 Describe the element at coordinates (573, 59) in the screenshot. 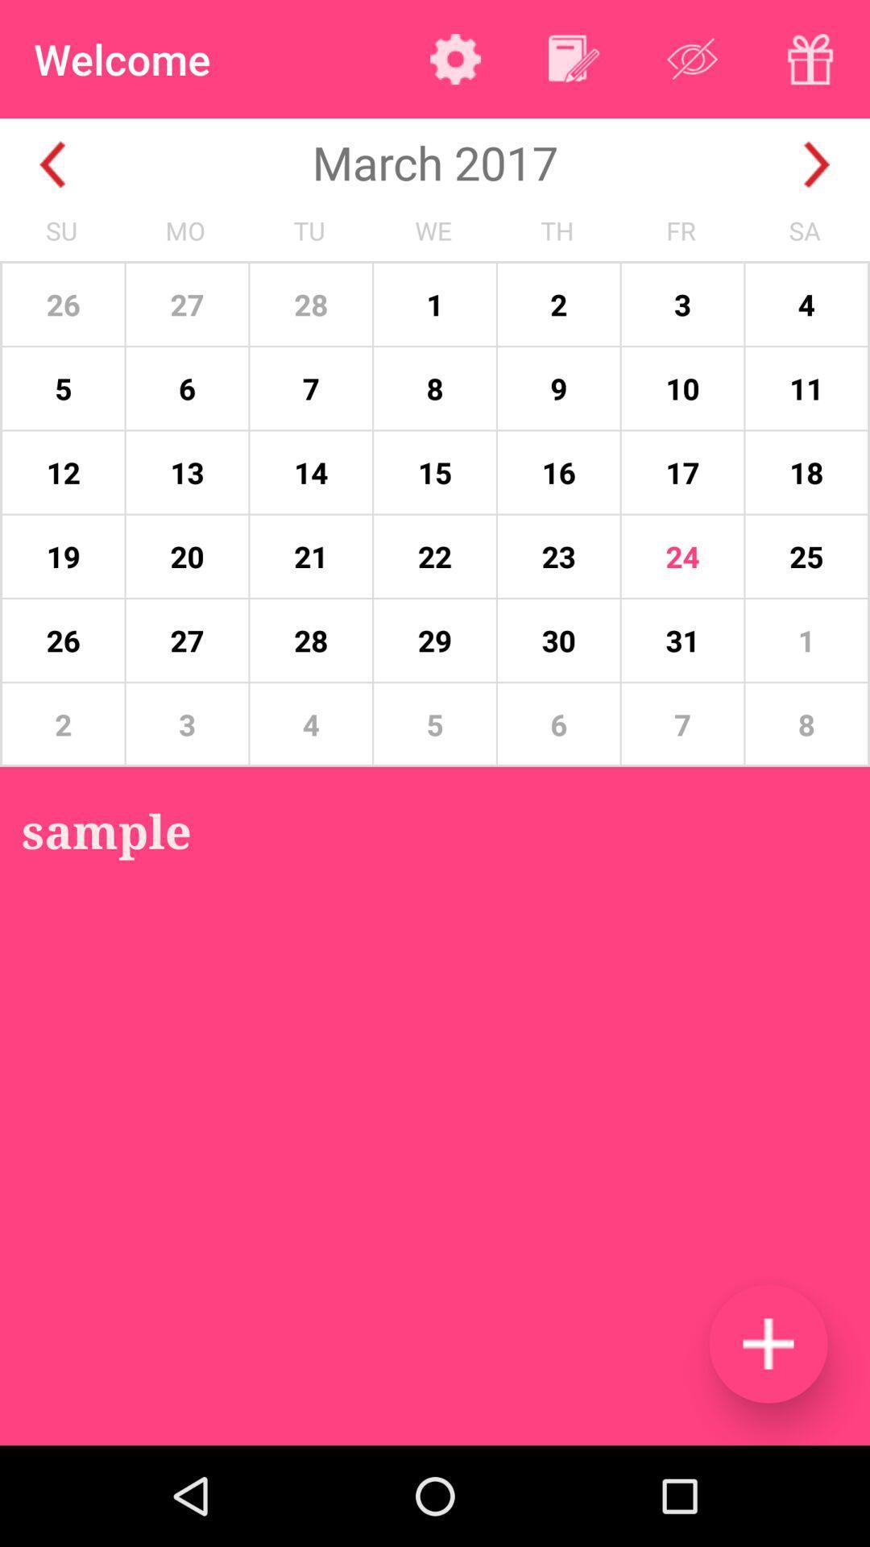

I see `edit` at that location.